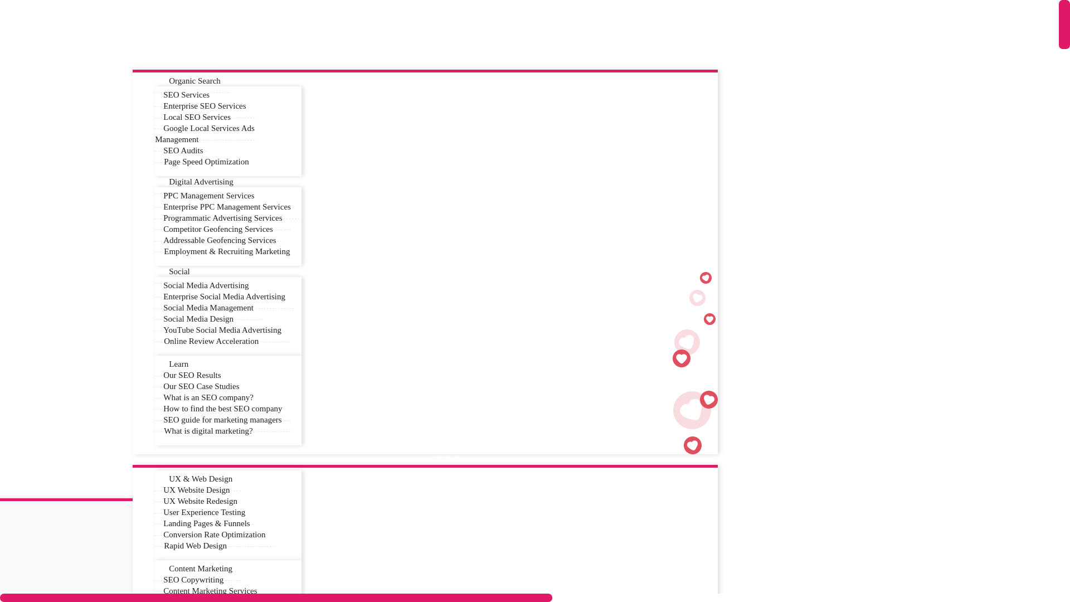  Describe the element at coordinates (226, 251) in the screenshot. I see `'Employment & Recruiting Marketing'` at that location.